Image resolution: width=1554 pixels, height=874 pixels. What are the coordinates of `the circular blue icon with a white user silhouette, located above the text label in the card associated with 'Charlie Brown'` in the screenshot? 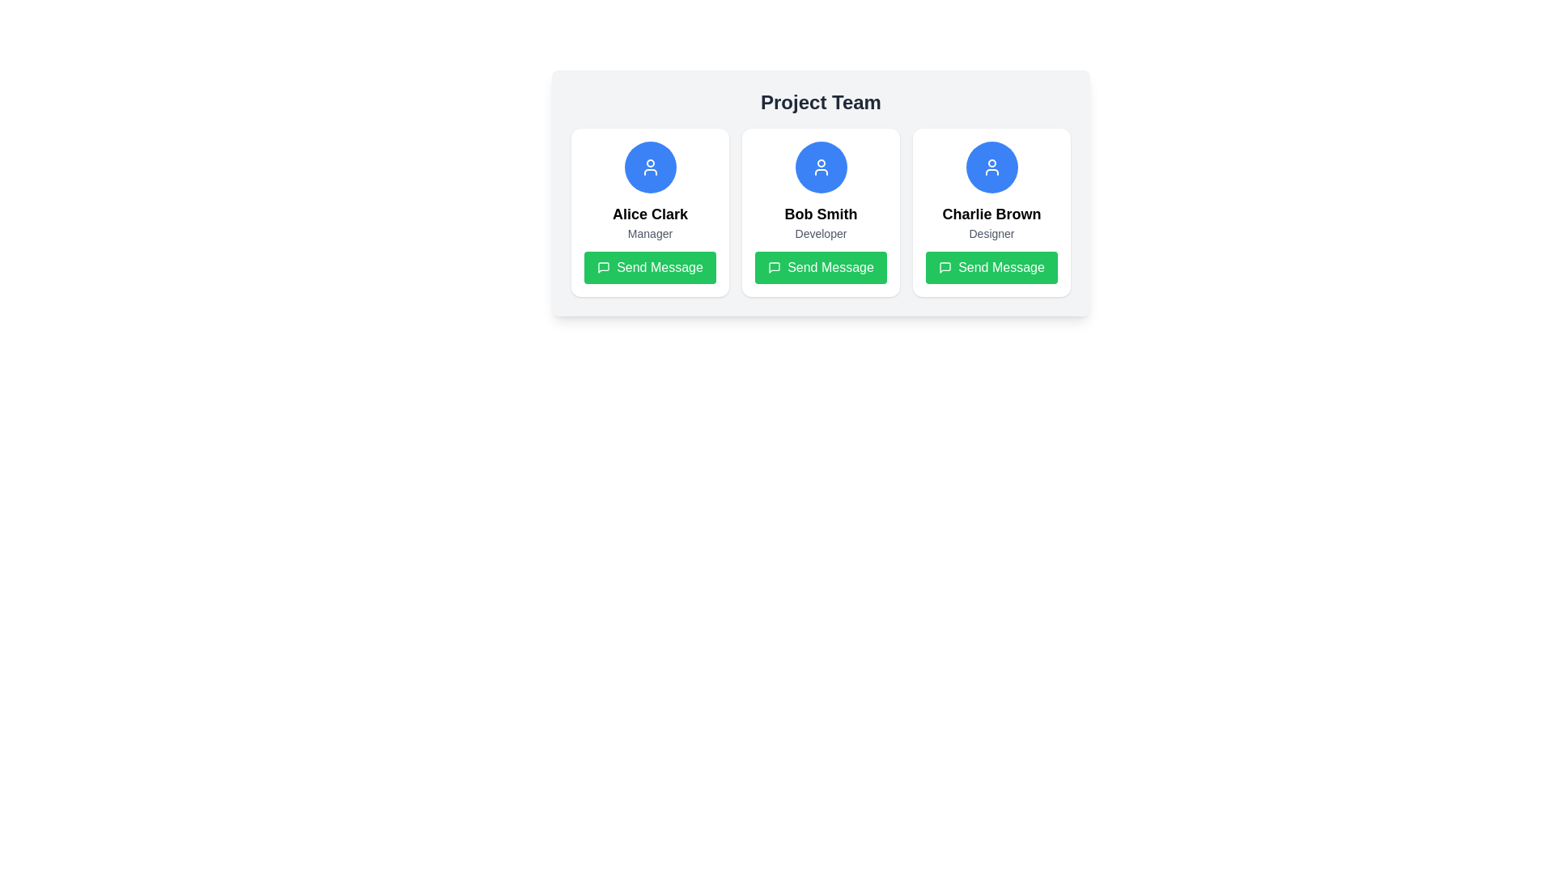 It's located at (991, 168).